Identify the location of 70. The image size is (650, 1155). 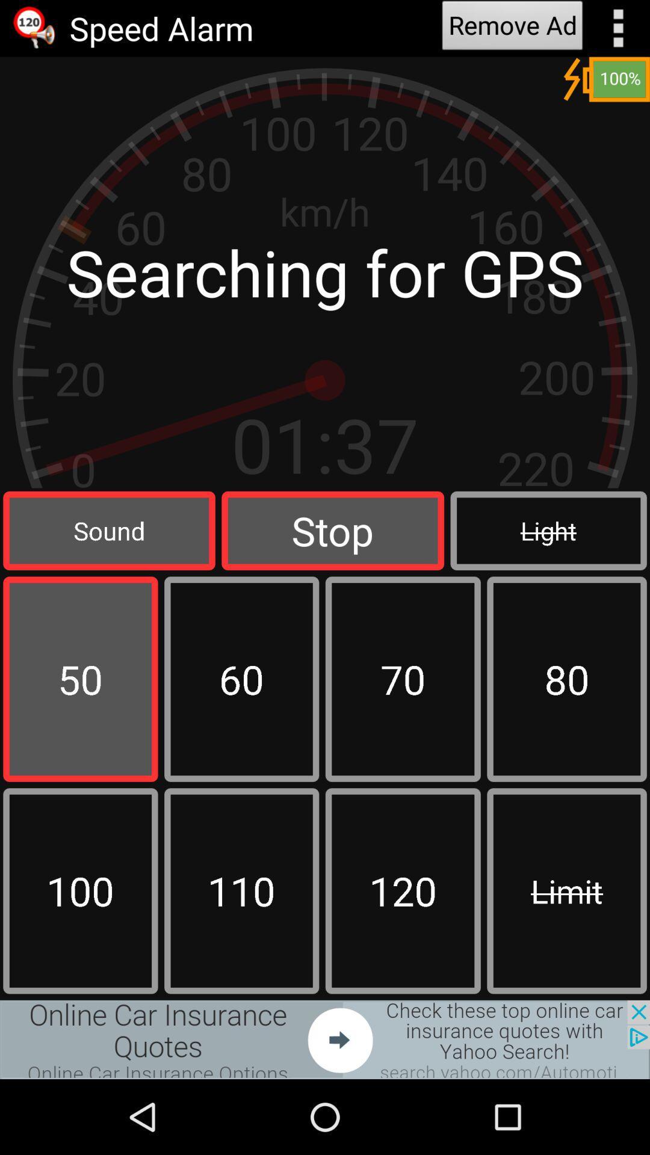
(403, 679).